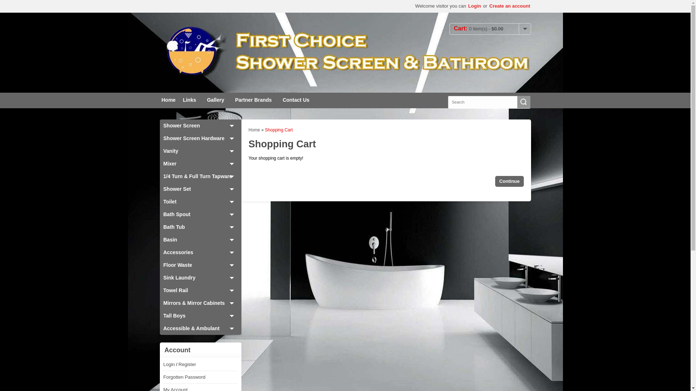 The width and height of the screenshot is (696, 391). What do you see at coordinates (200, 252) in the screenshot?
I see `'Accessories'` at bounding box center [200, 252].